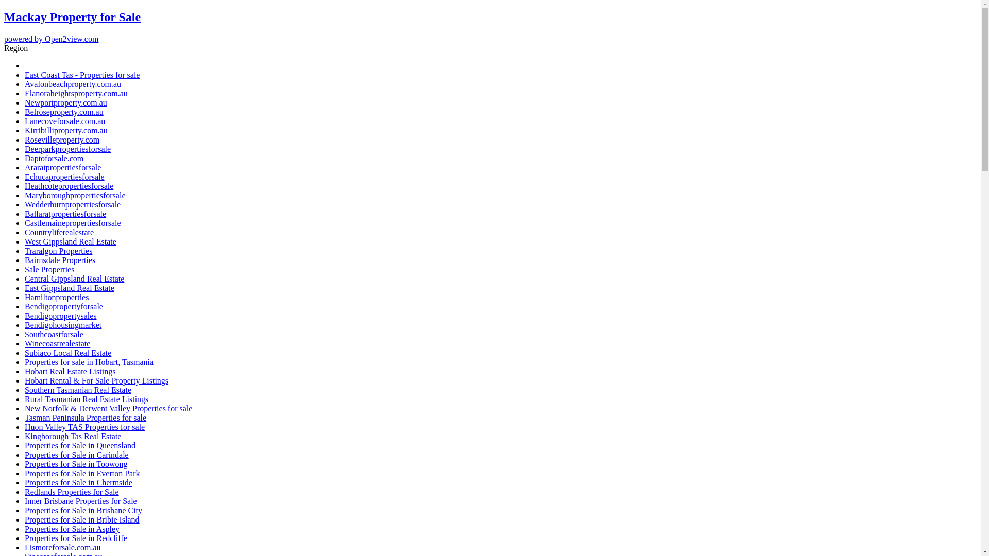 The height and width of the screenshot is (556, 989). I want to click on 'East Coast Tas - Properties for sale', so click(25, 74).